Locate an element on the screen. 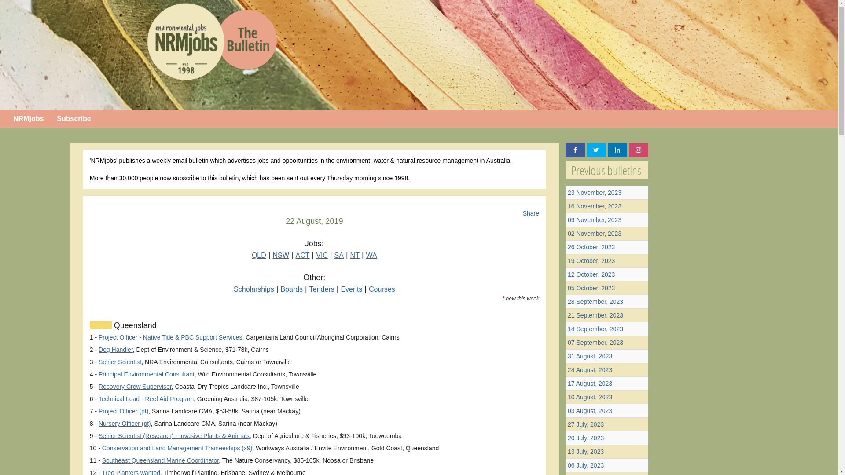 The width and height of the screenshot is (845, 475). '26 October, 2023' is located at coordinates (591, 247).